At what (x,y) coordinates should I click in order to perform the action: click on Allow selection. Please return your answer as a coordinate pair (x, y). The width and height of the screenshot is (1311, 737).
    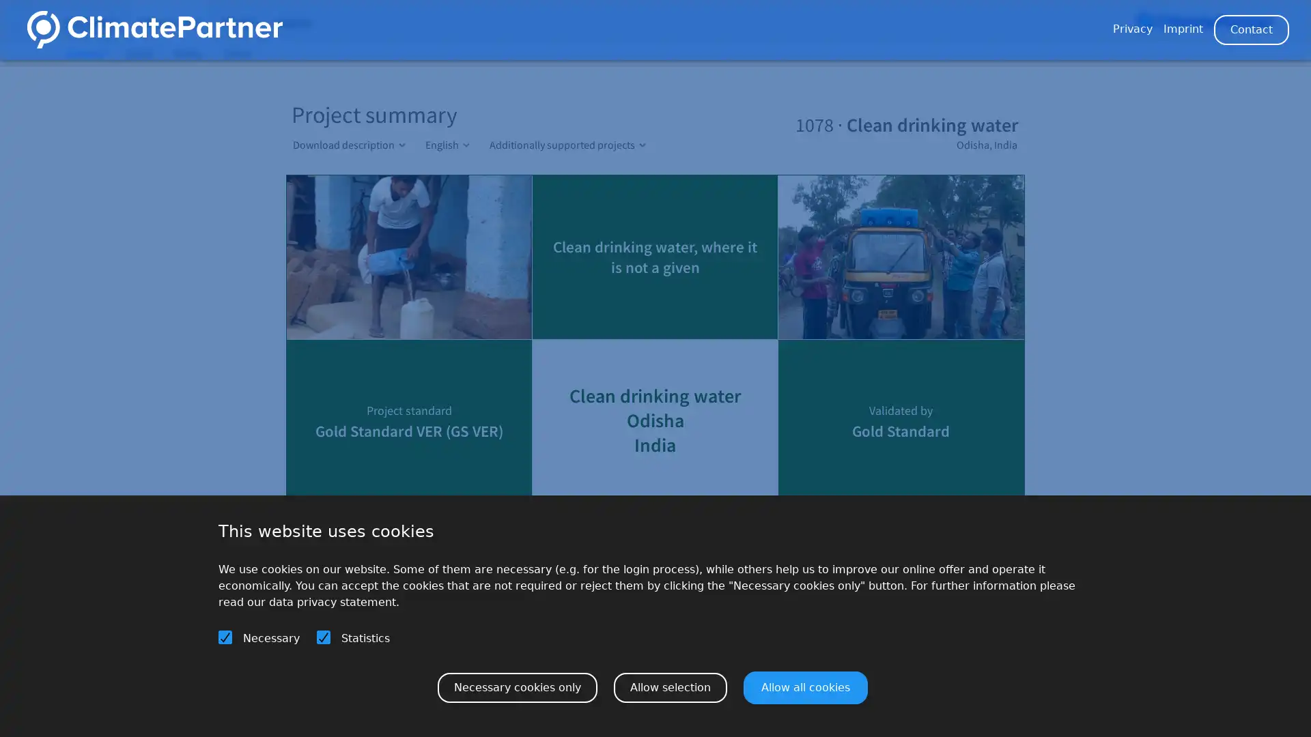
    Looking at the image, I should click on (671, 687).